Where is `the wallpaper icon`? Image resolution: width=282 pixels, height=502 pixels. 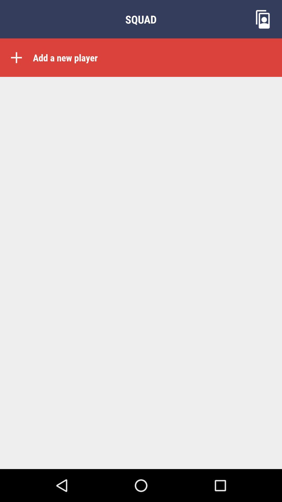 the wallpaper icon is located at coordinates (263, 19).